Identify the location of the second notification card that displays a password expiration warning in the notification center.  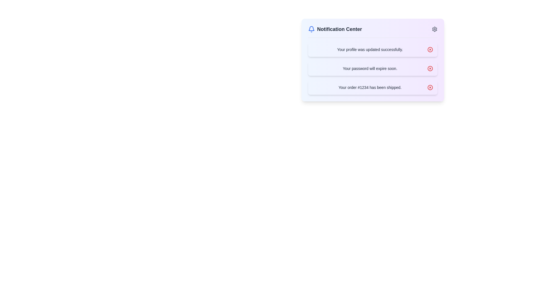
(373, 68).